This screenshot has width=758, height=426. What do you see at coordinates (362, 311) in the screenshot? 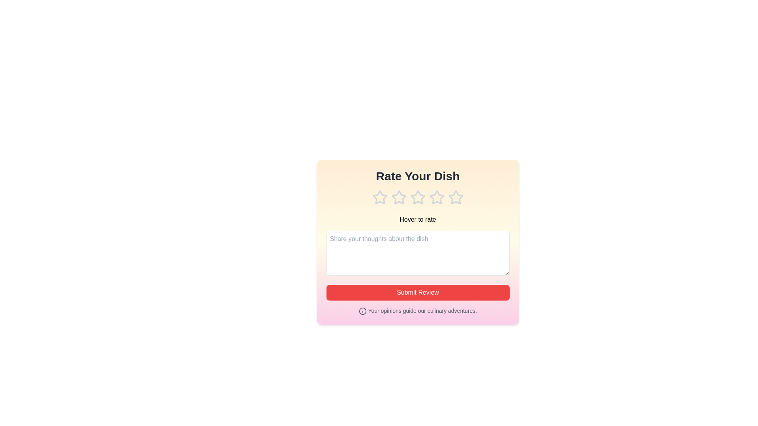
I see `the info icon to display additional details` at bounding box center [362, 311].